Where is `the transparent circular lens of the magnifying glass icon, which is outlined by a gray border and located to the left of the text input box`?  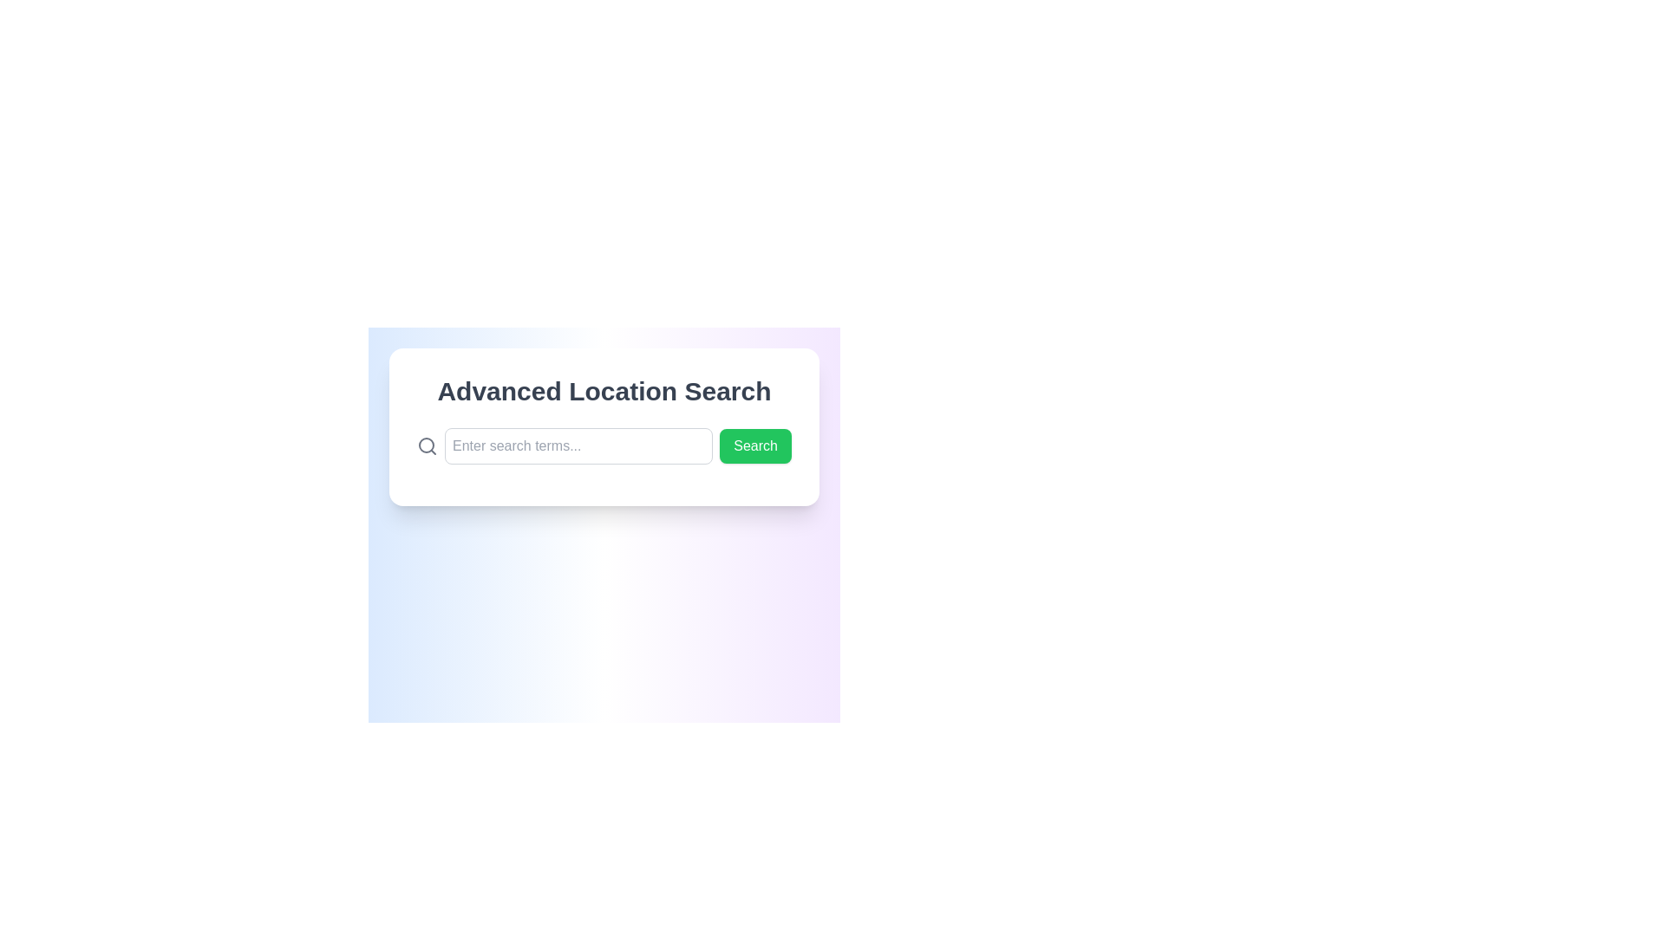 the transparent circular lens of the magnifying glass icon, which is outlined by a gray border and located to the left of the text input box is located at coordinates (426, 444).